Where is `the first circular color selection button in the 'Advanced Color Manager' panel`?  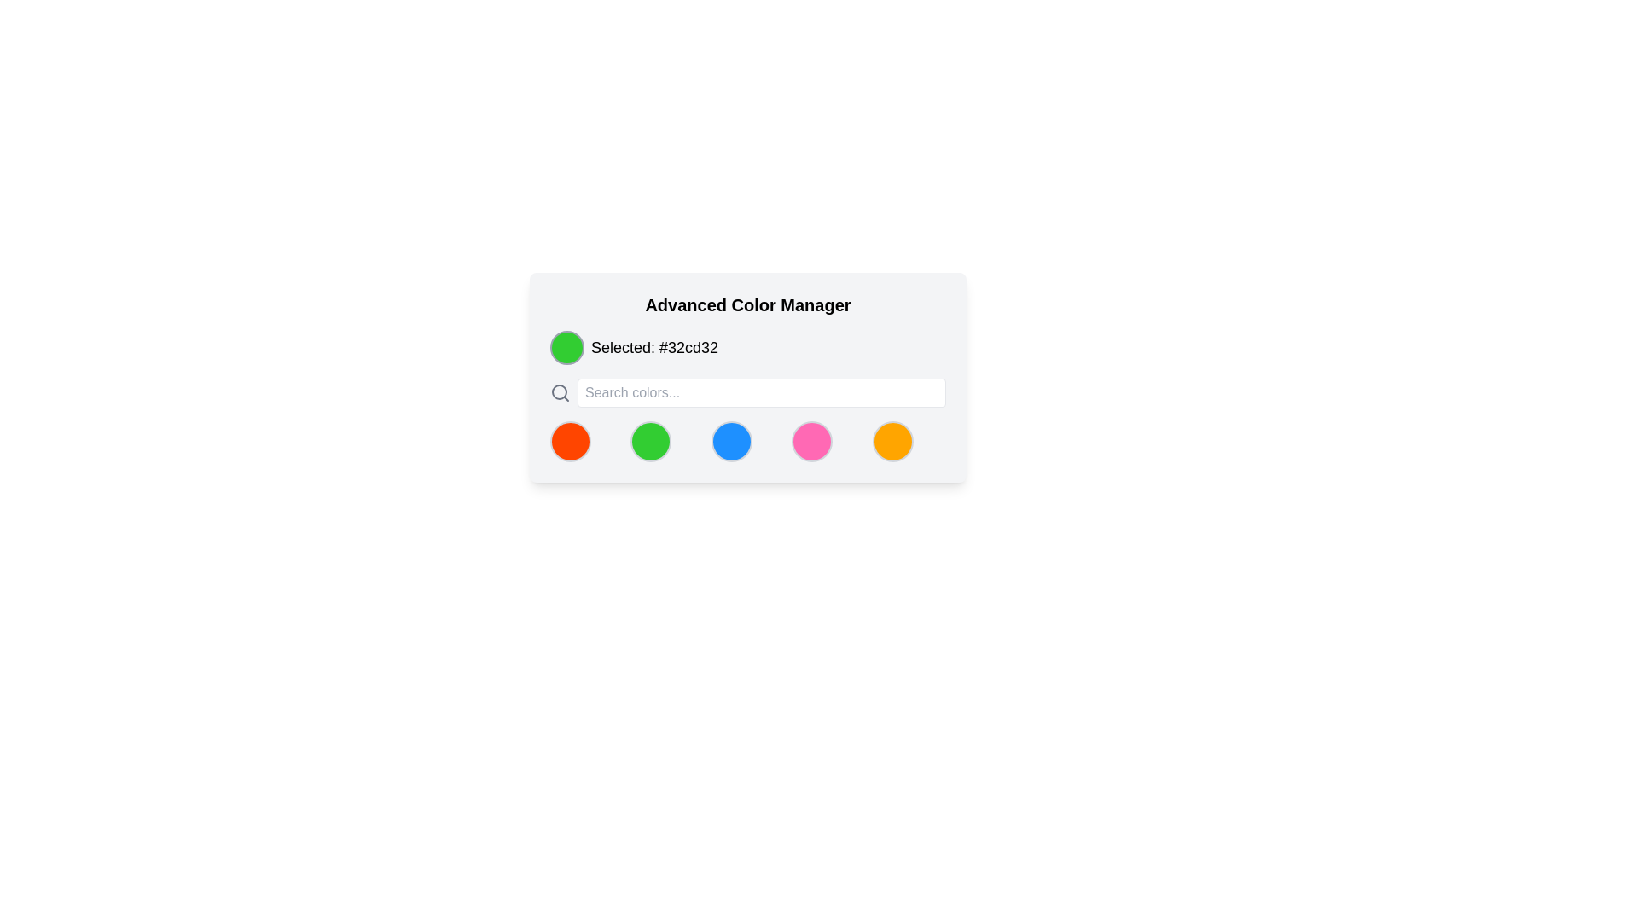
the first circular color selection button in the 'Advanced Color Manager' panel is located at coordinates (570, 440).